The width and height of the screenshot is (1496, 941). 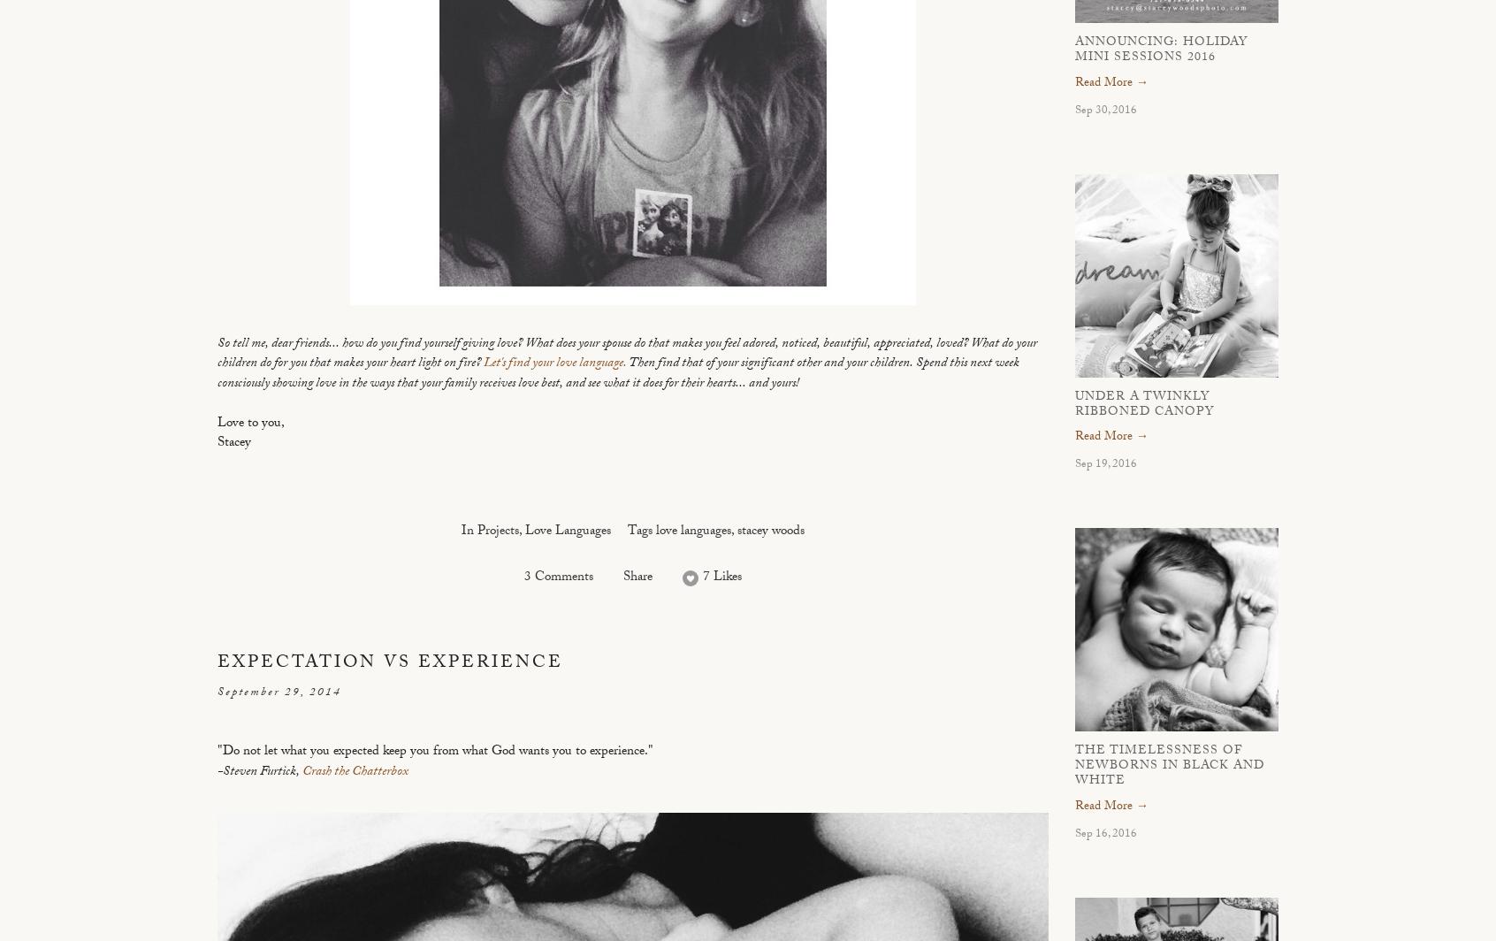 What do you see at coordinates (218, 772) in the screenshot?
I see `'-Steven Furtick,'` at bounding box center [218, 772].